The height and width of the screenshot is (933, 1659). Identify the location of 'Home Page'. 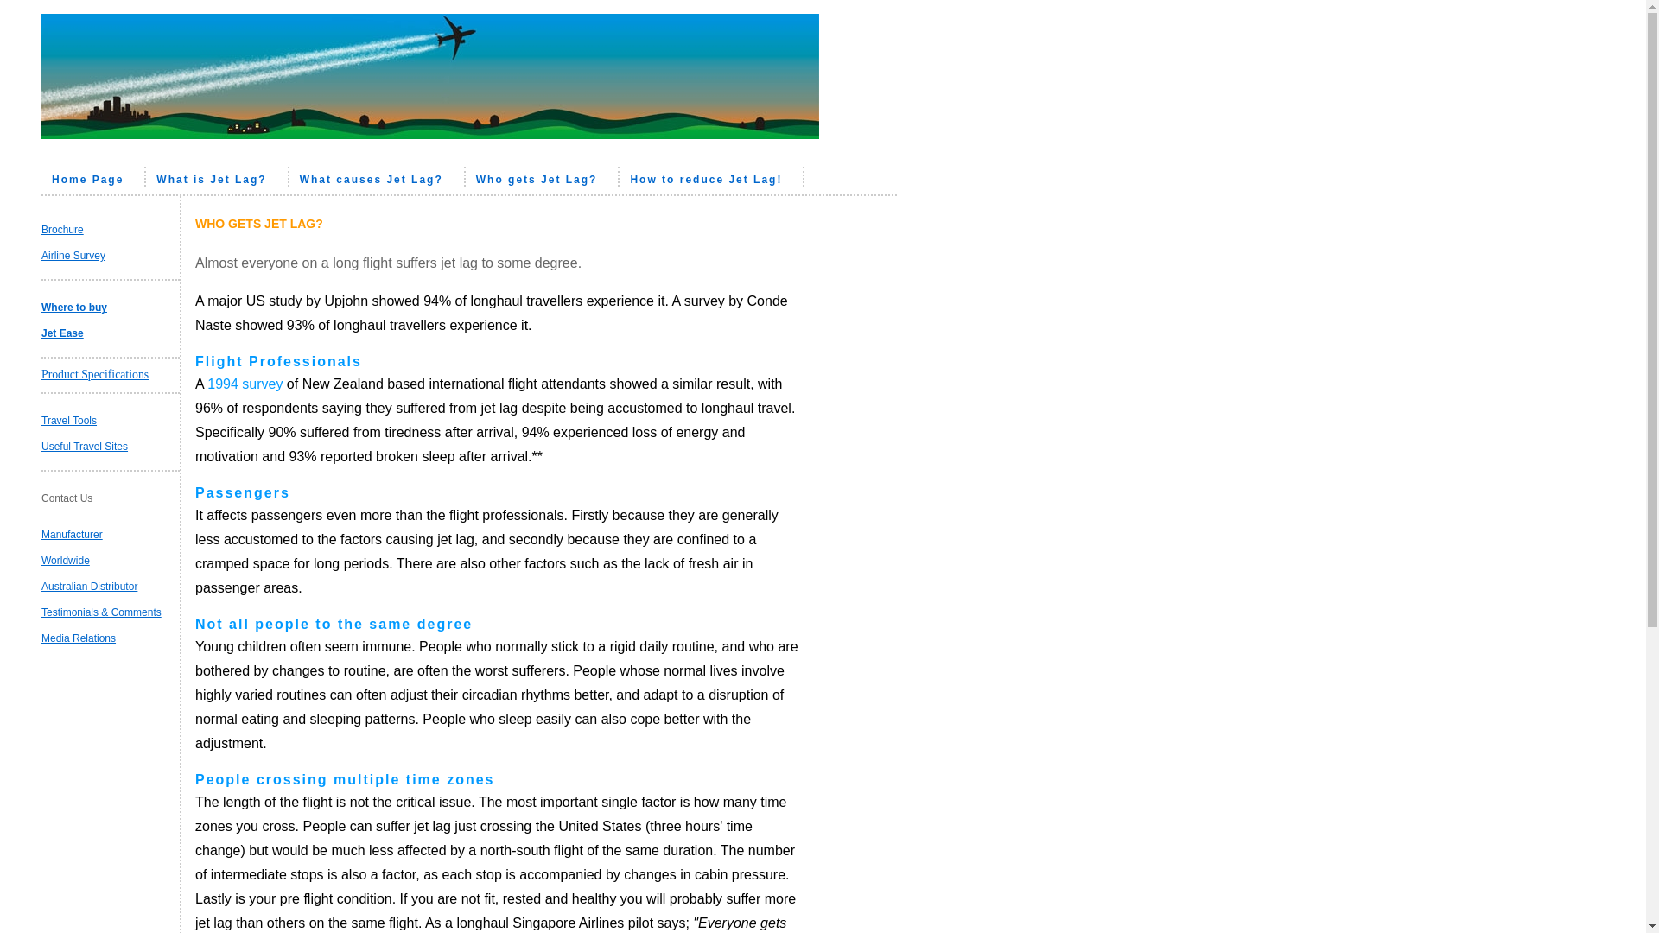
(41, 176).